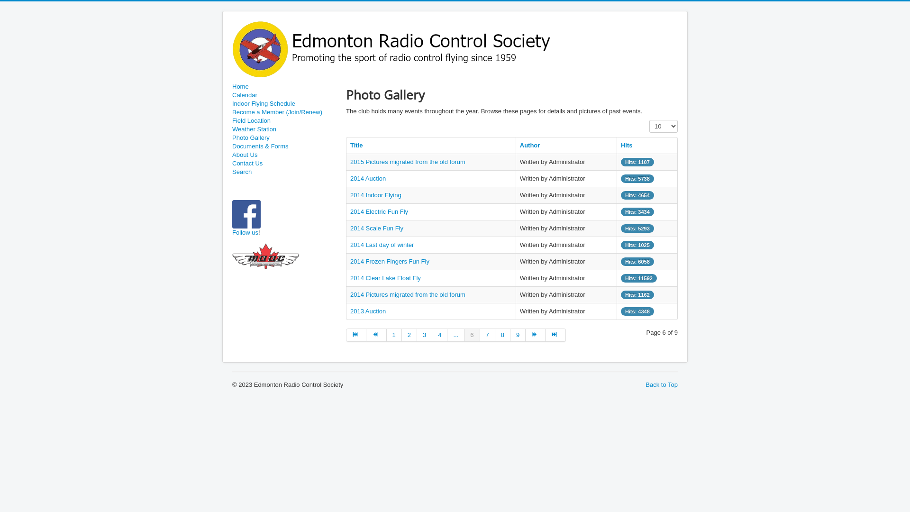 This screenshot has width=910, height=512. What do you see at coordinates (529, 145) in the screenshot?
I see `'Author'` at bounding box center [529, 145].